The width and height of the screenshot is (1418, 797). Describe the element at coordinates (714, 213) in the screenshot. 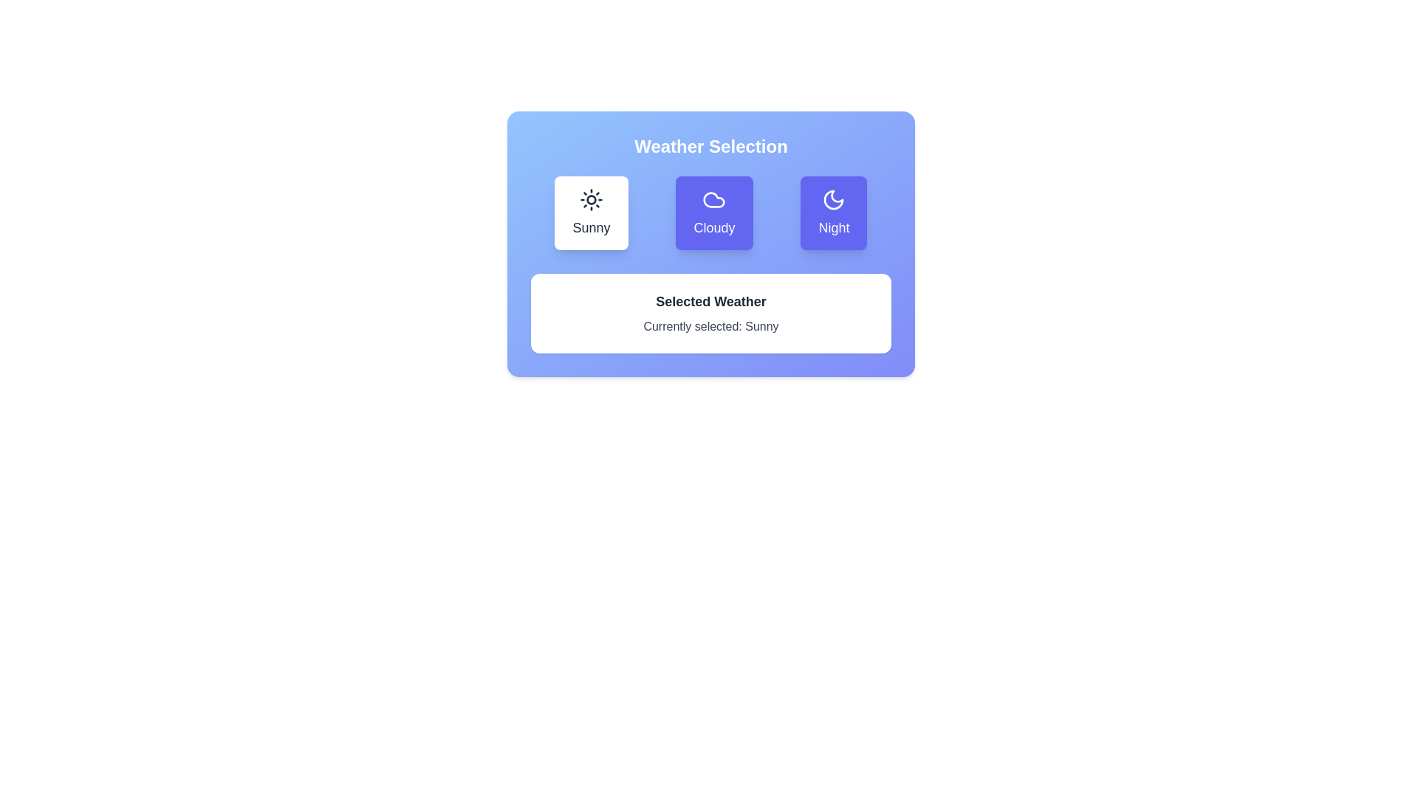

I see `the 'Cloudy' weather selection button` at that location.